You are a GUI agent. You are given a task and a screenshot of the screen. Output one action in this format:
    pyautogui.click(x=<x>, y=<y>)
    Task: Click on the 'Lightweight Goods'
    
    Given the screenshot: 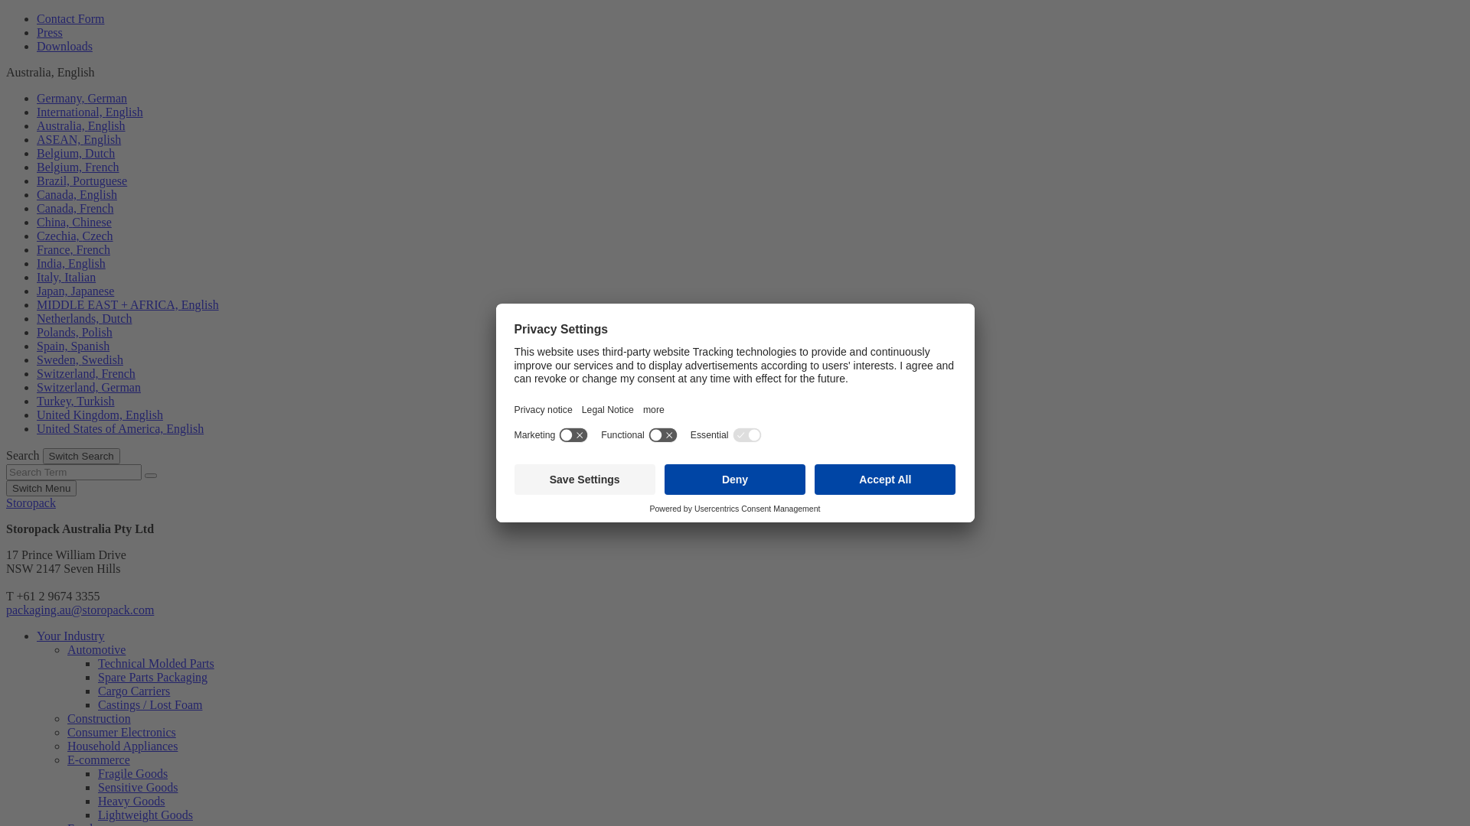 What is the action you would take?
    pyautogui.click(x=145, y=814)
    